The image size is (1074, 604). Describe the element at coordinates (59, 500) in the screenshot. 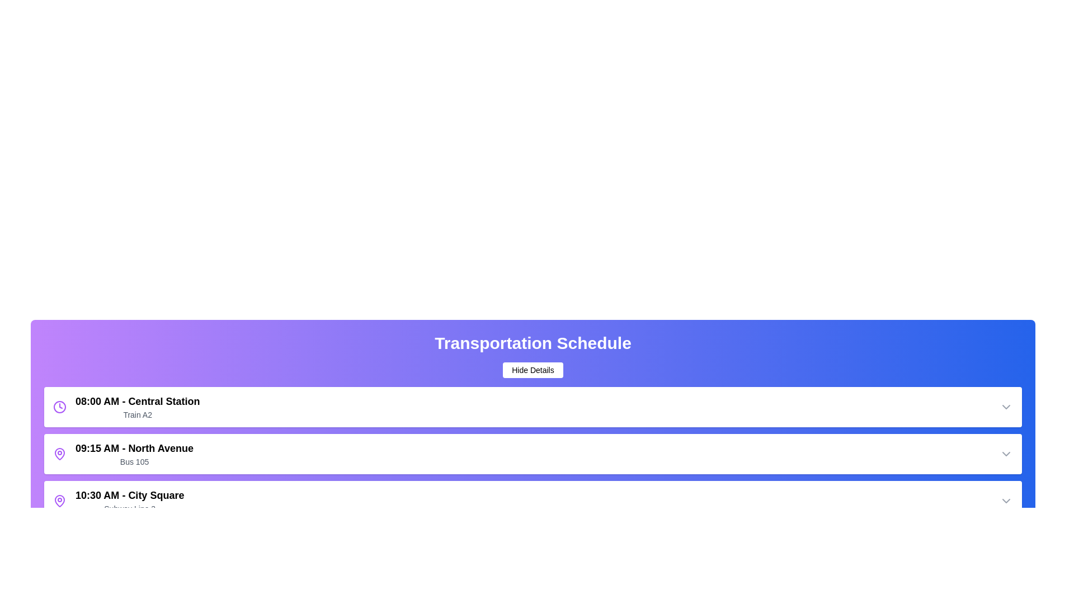

I see `the map_pin icon of the schedule item at 10:30 AM` at that location.